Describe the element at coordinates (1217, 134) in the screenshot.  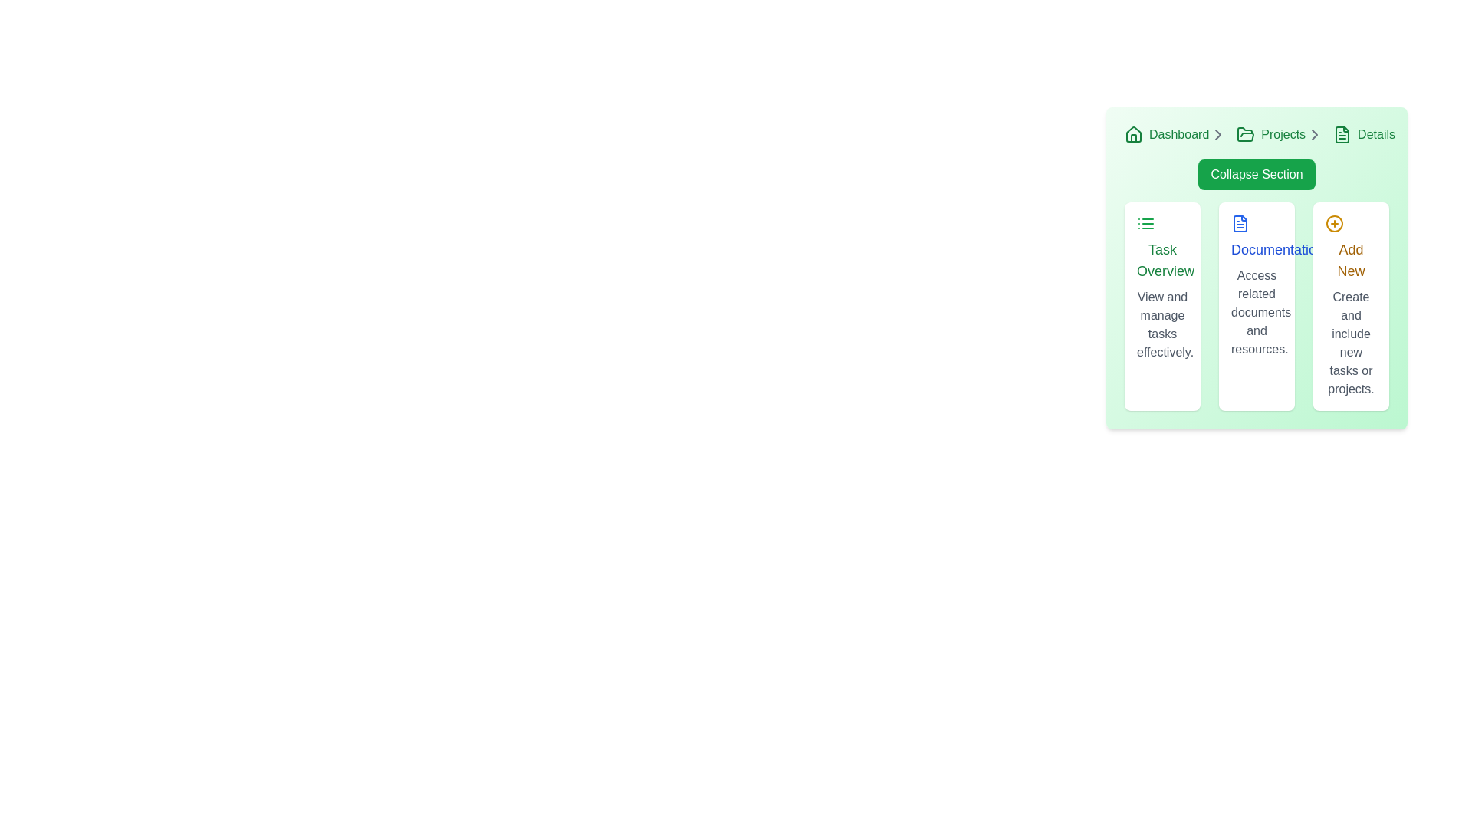
I see `the icon that serves as a separator in the breadcrumb navigation located just to the right of the 'Dashboard' text` at that location.